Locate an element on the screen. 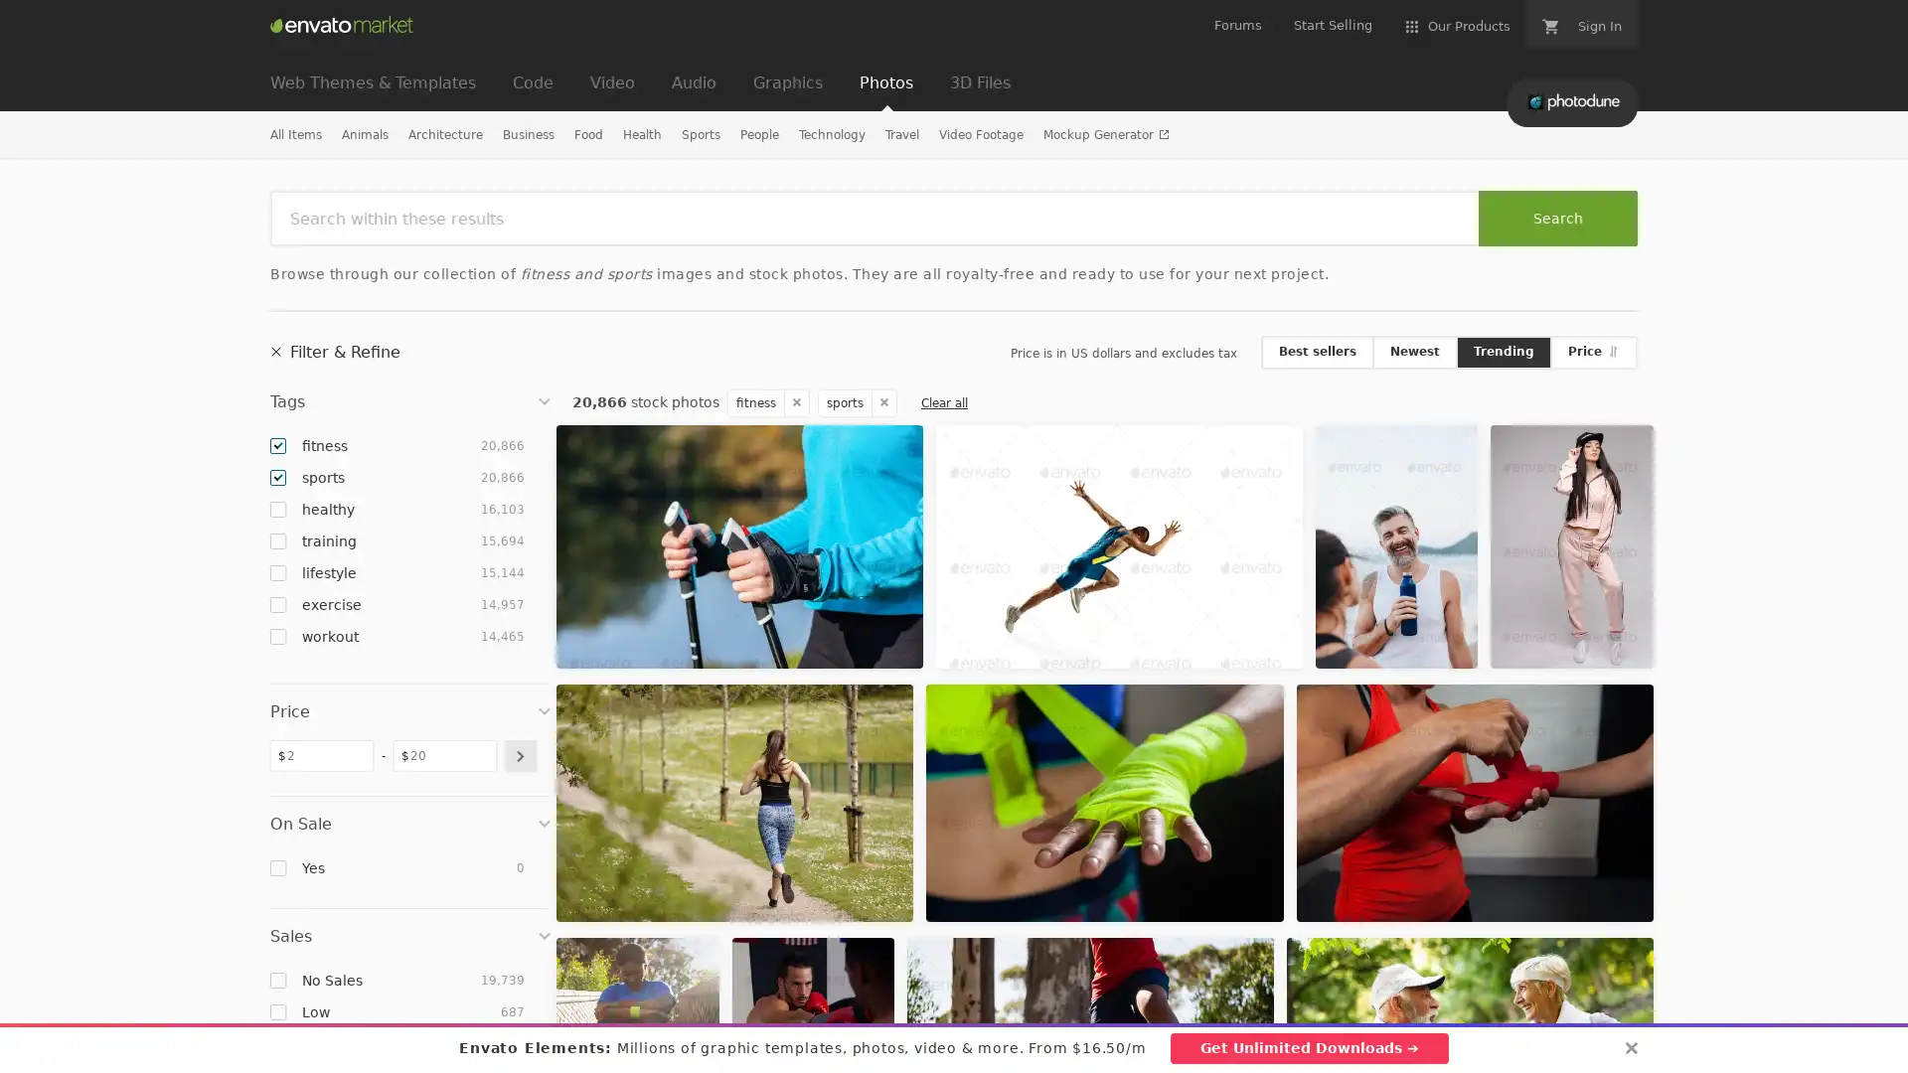 The width and height of the screenshot is (1908, 1073). Add to Favorites is located at coordinates (1256, 708).